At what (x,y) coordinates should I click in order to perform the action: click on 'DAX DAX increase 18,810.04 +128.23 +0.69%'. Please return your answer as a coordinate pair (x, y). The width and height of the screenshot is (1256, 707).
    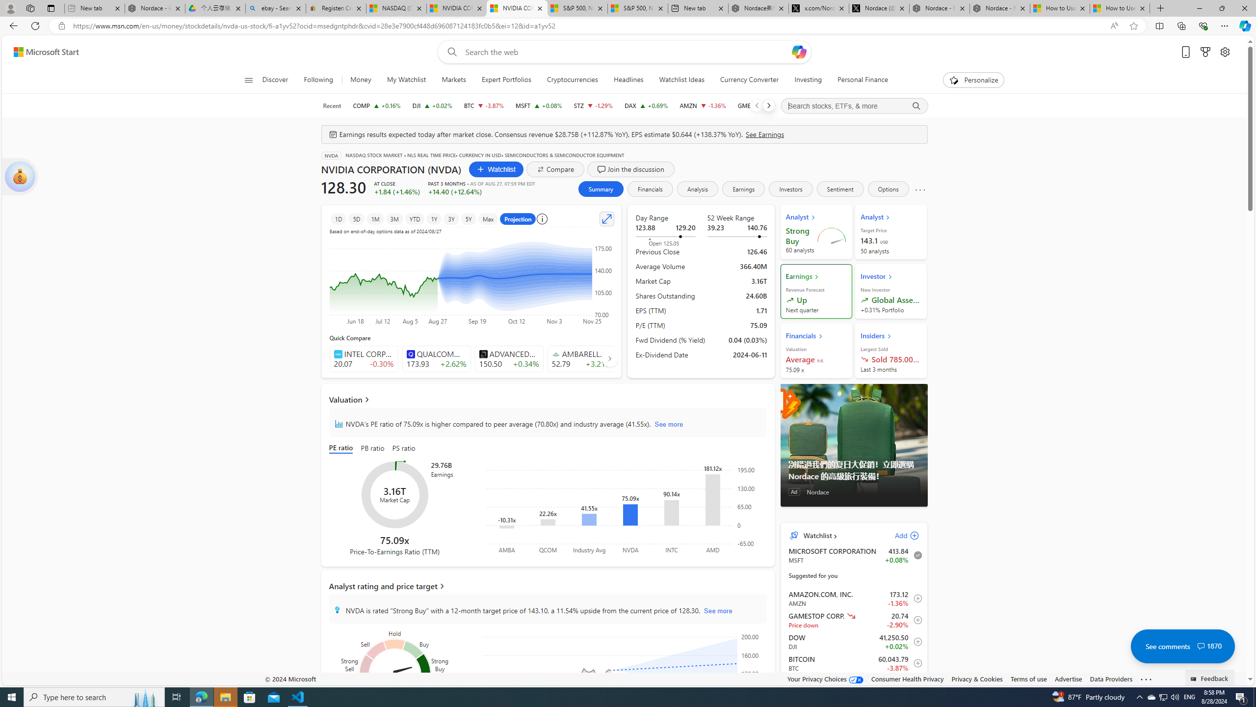
    Looking at the image, I should click on (646, 105).